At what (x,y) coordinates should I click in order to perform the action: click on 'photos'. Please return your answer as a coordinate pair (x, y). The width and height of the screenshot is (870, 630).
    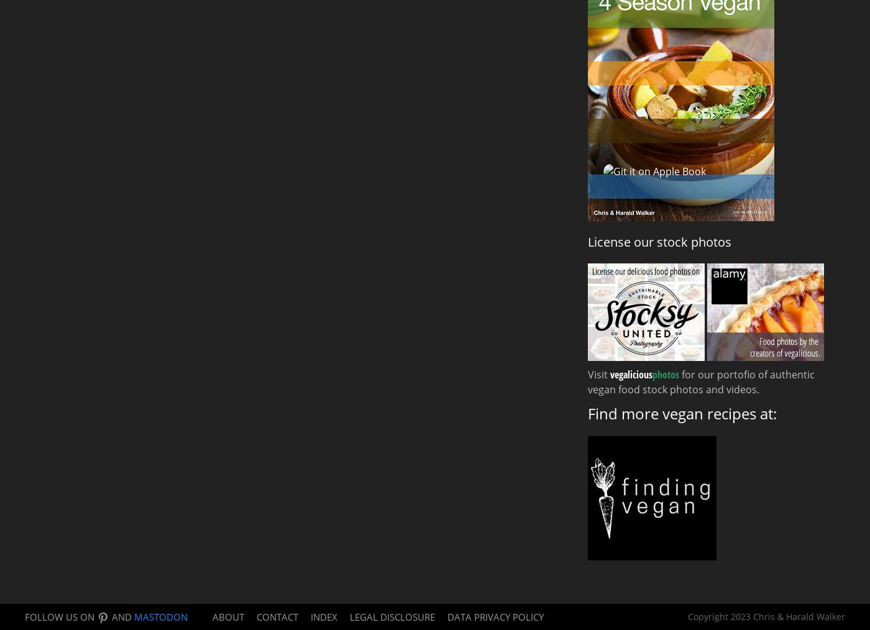
    Looking at the image, I should click on (652, 374).